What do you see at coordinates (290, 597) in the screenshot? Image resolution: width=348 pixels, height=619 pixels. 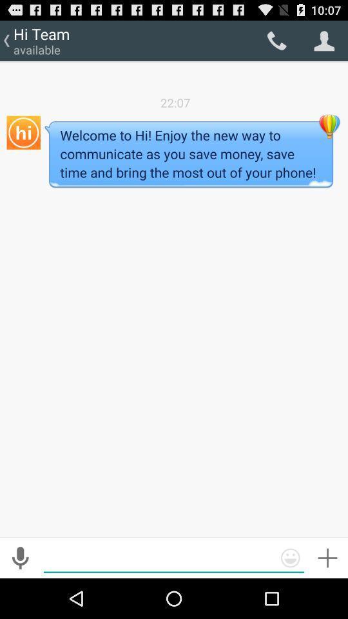 I see `the emoji icon` at bounding box center [290, 597].